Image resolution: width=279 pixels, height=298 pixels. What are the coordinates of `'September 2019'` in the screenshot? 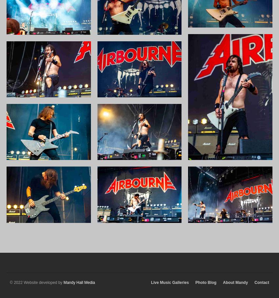 It's located at (224, 51).